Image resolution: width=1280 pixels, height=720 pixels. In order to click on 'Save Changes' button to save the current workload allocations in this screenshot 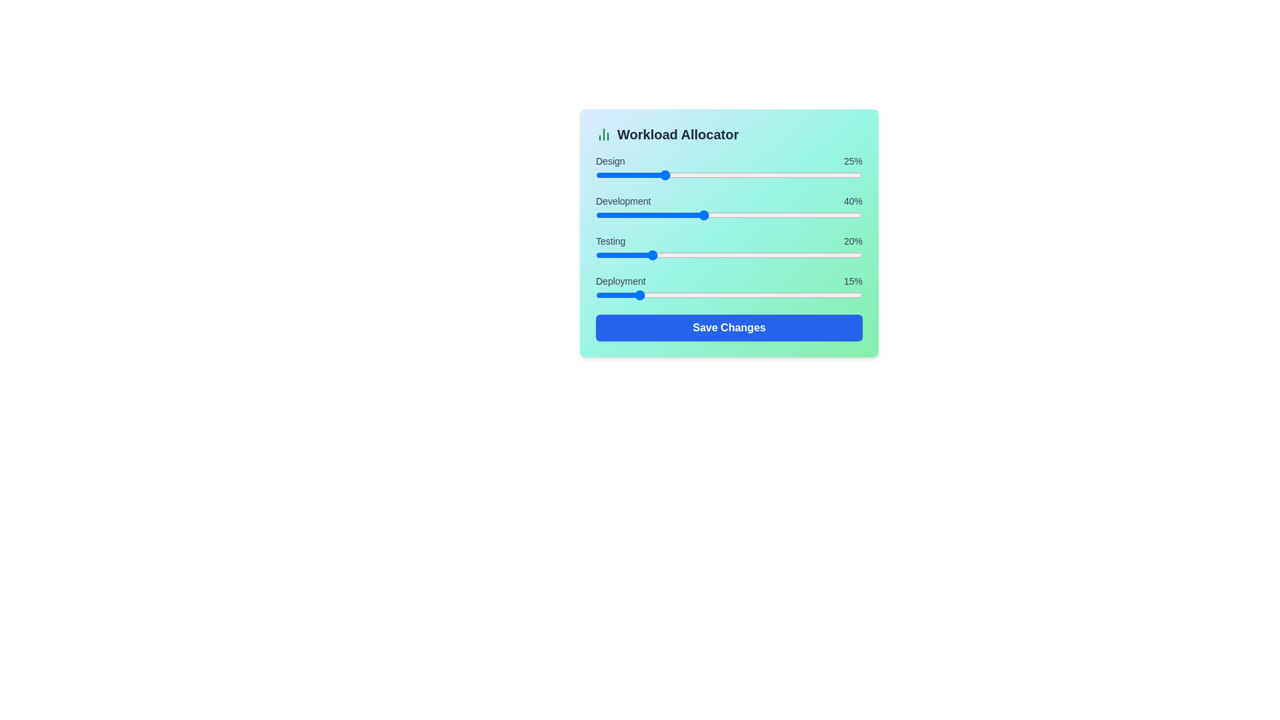, I will do `click(729, 328)`.